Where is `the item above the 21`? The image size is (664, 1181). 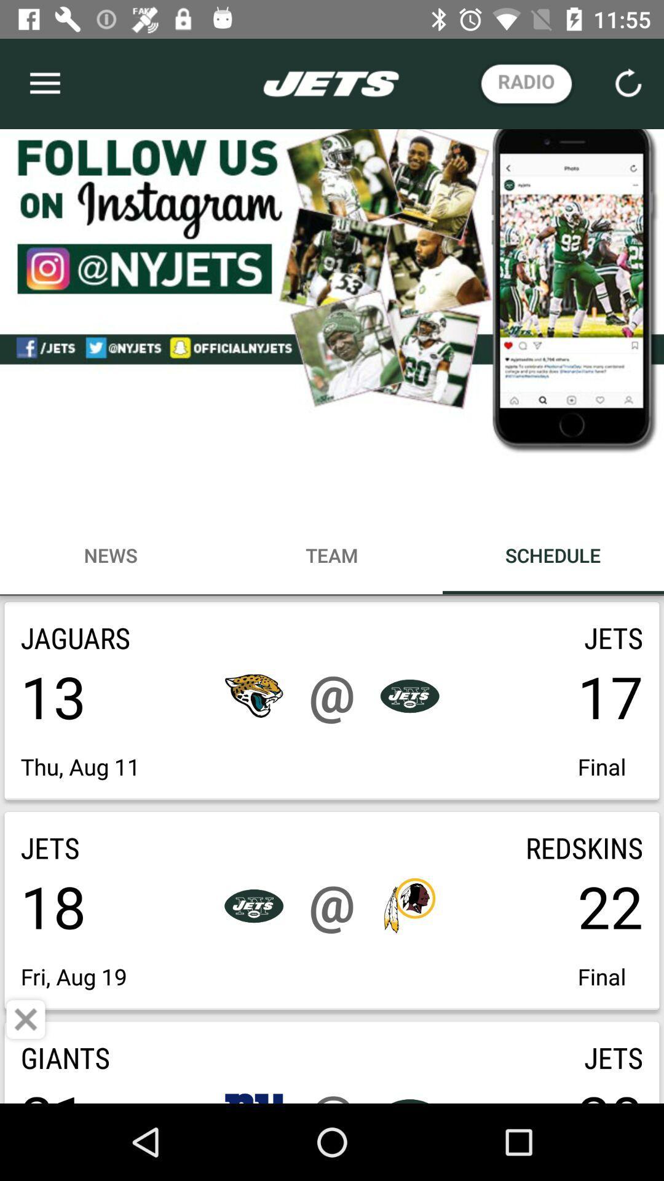 the item above the 21 is located at coordinates (26, 1019).